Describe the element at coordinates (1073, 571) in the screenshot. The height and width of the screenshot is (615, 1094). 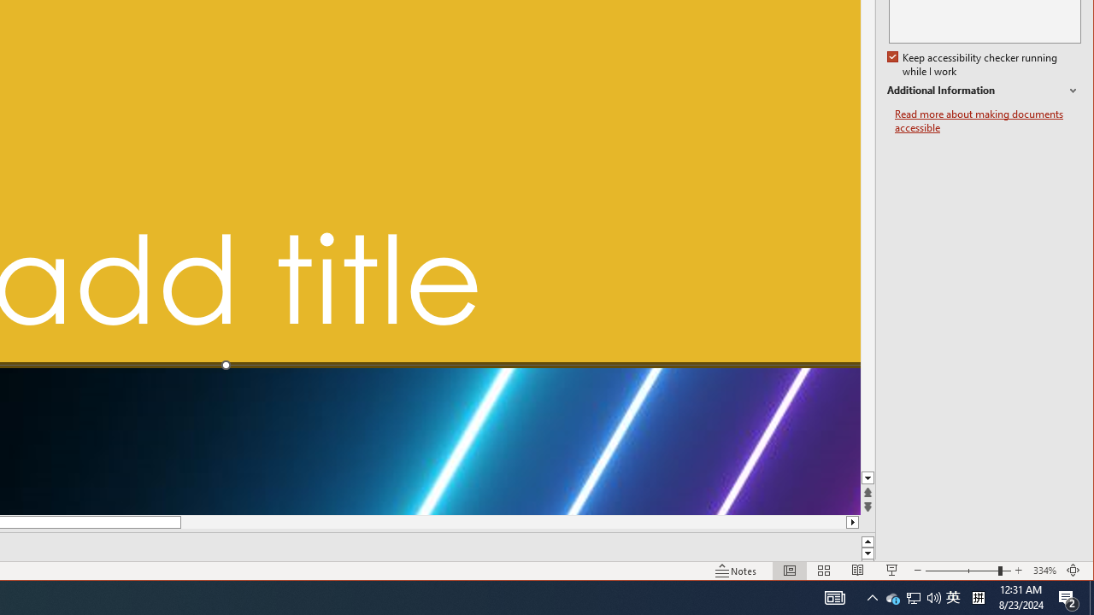
I see `'Zoom to Fit '` at that location.